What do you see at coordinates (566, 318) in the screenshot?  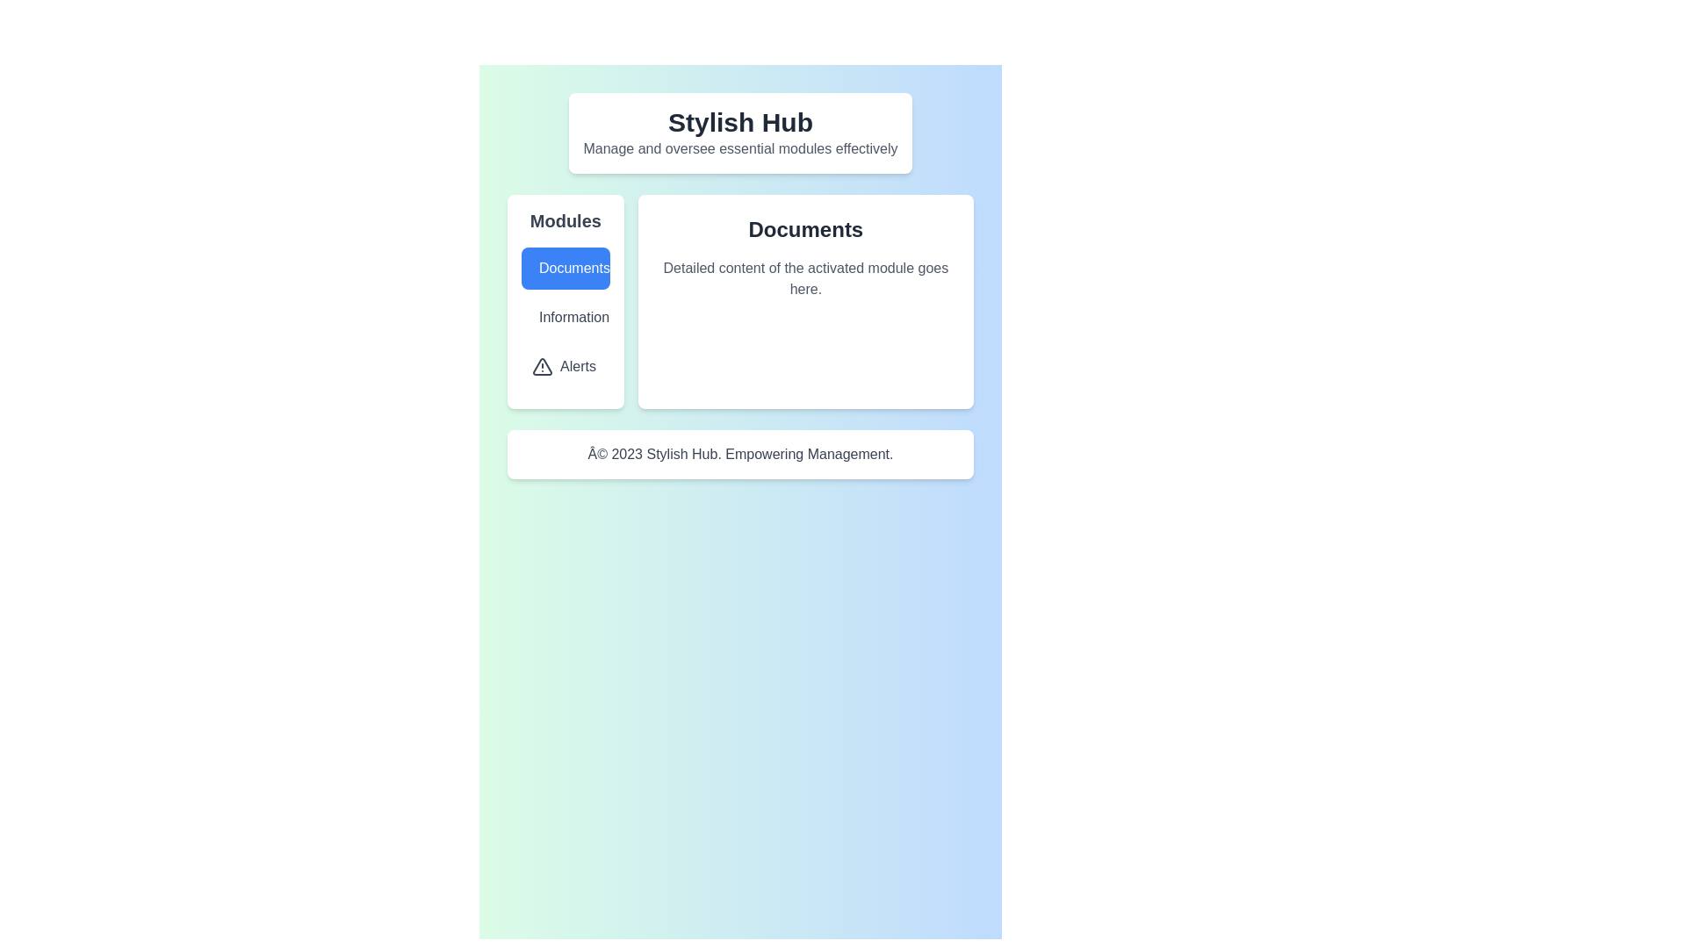 I see `the 'Information' text label within the 'Modules' navigation menu` at bounding box center [566, 318].